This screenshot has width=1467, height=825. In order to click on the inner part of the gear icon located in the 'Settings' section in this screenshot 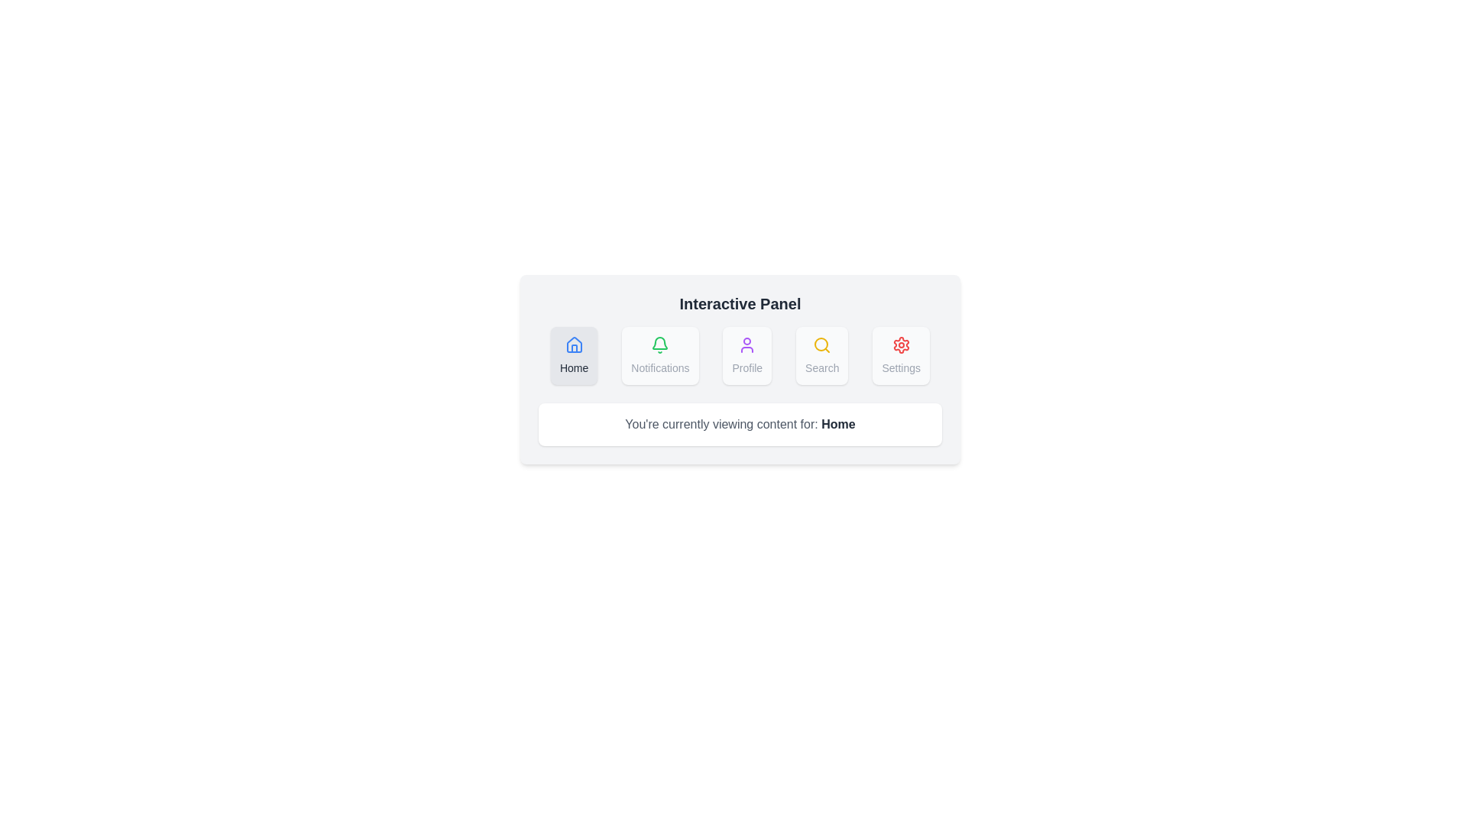, I will do `click(901, 345)`.